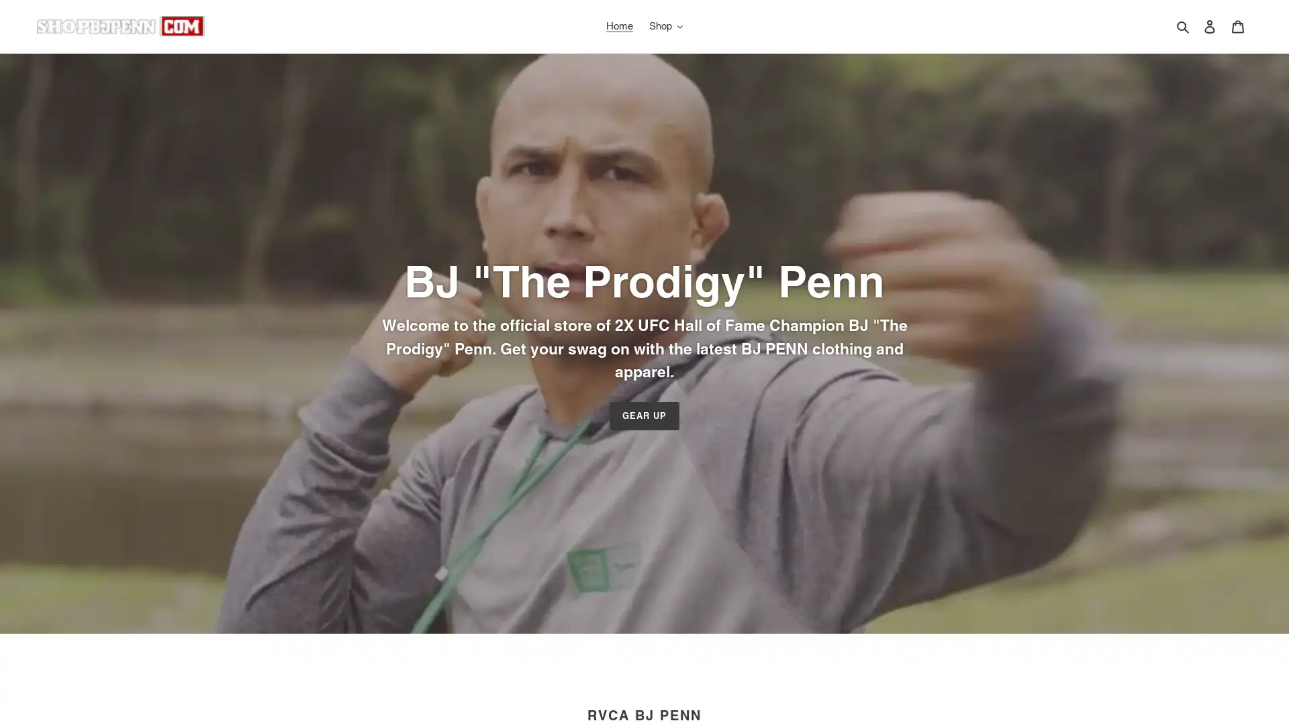  What do you see at coordinates (665, 26) in the screenshot?
I see `Shop` at bounding box center [665, 26].